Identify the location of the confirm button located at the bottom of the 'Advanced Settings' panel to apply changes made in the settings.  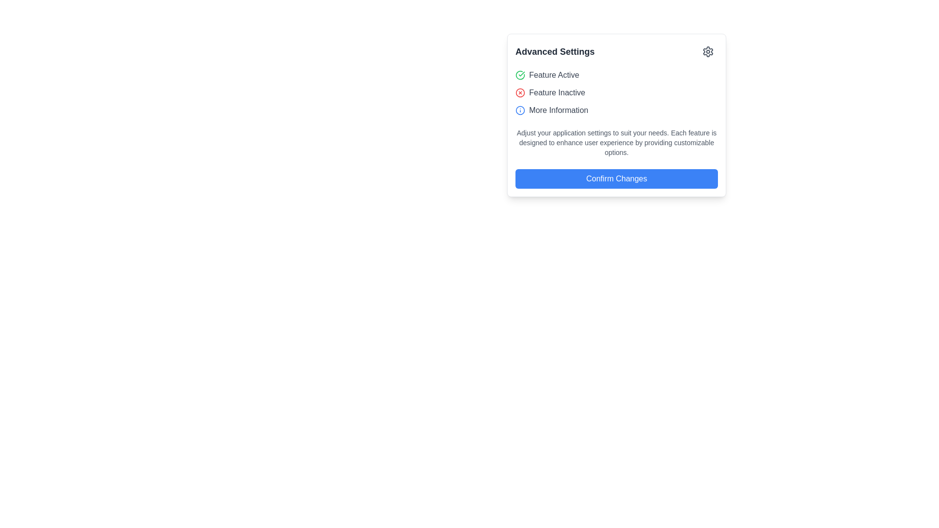
(616, 179).